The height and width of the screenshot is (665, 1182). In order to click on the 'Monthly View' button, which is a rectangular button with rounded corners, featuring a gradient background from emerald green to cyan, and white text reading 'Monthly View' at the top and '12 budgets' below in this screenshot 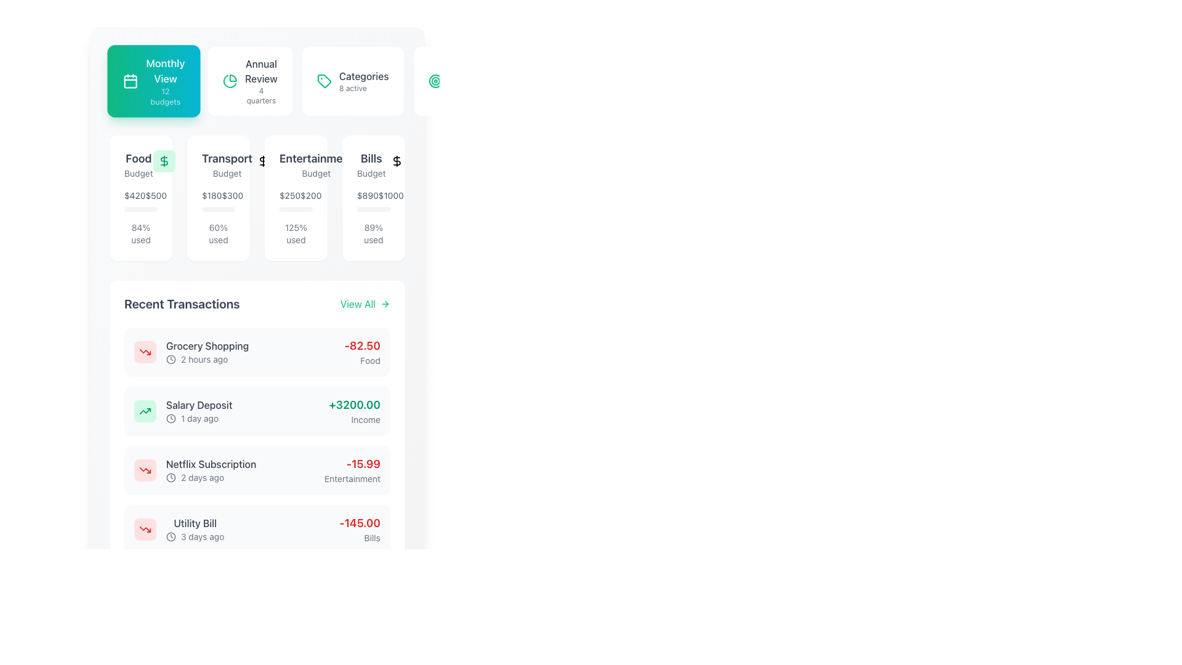, I will do `click(153, 81)`.